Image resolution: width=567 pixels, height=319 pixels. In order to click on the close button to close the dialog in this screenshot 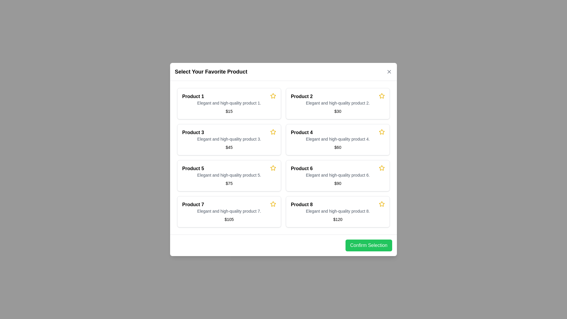, I will do `click(389, 71)`.